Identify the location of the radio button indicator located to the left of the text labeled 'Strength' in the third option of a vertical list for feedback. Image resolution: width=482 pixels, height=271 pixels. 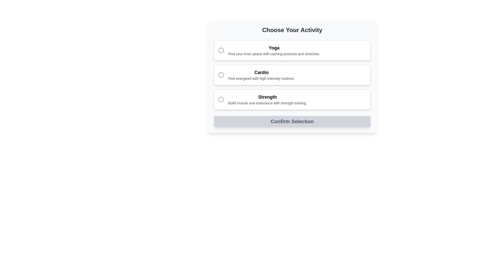
(221, 100).